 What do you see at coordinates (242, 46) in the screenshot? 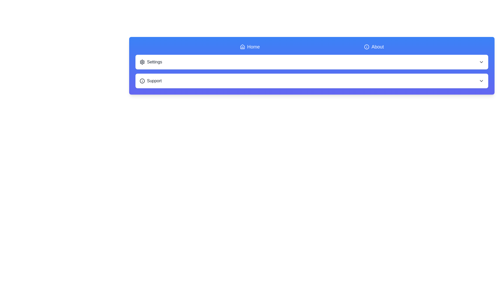
I see `the 'Home' SVG Icon located in the navigation header bar, which visually indicates the 'Home' action` at bounding box center [242, 46].